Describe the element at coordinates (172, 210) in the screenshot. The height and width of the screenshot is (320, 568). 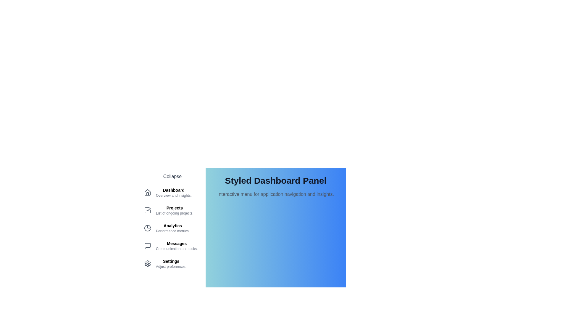
I see `the menu item corresponding to Projects` at that location.